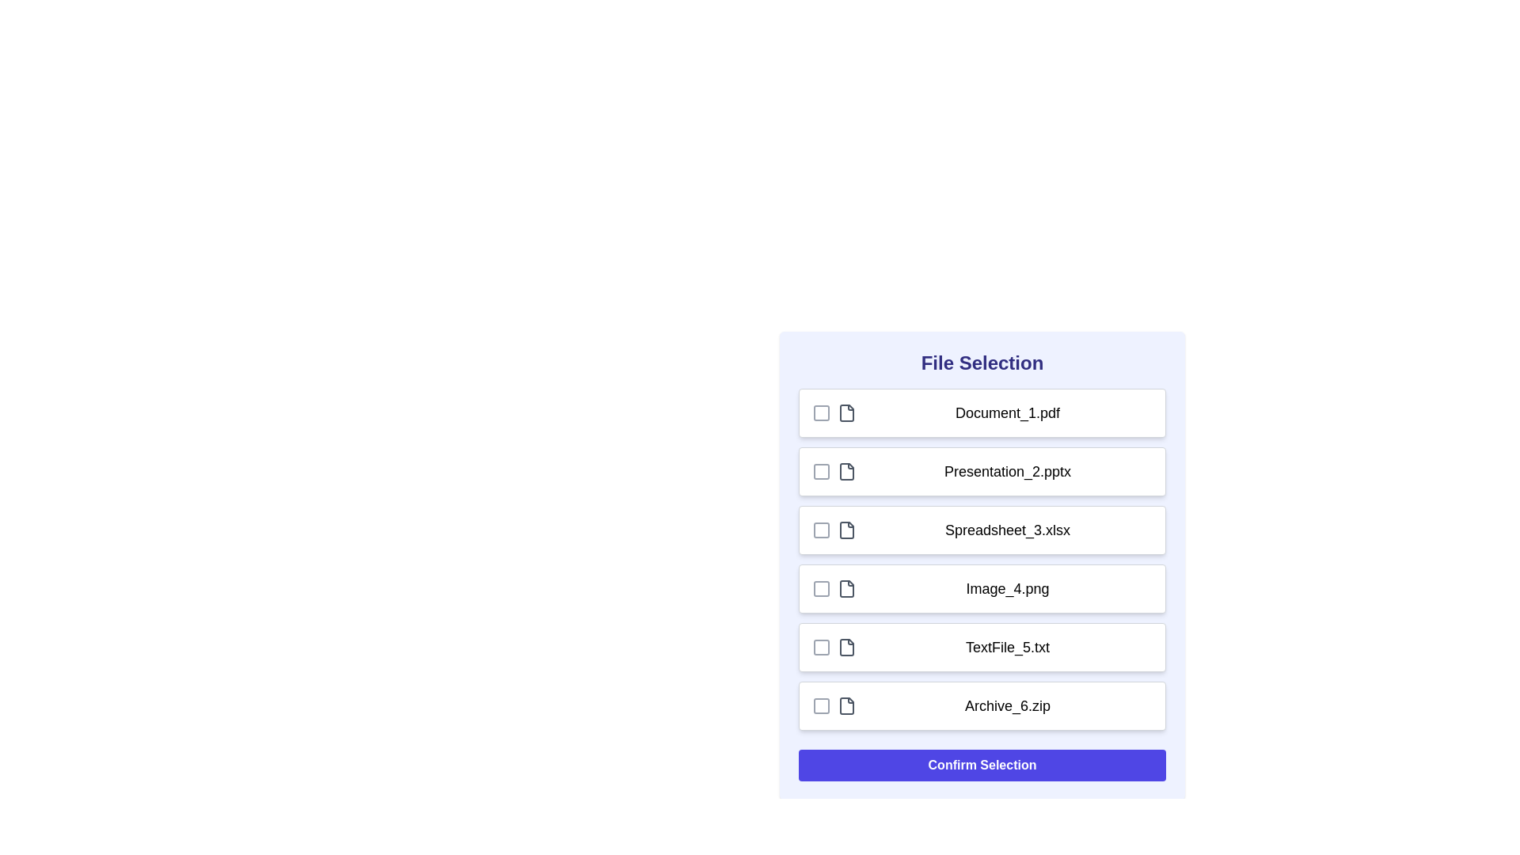 This screenshot has height=855, width=1520. I want to click on the checkbox corresponding to Image_4.png, so click(821, 589).